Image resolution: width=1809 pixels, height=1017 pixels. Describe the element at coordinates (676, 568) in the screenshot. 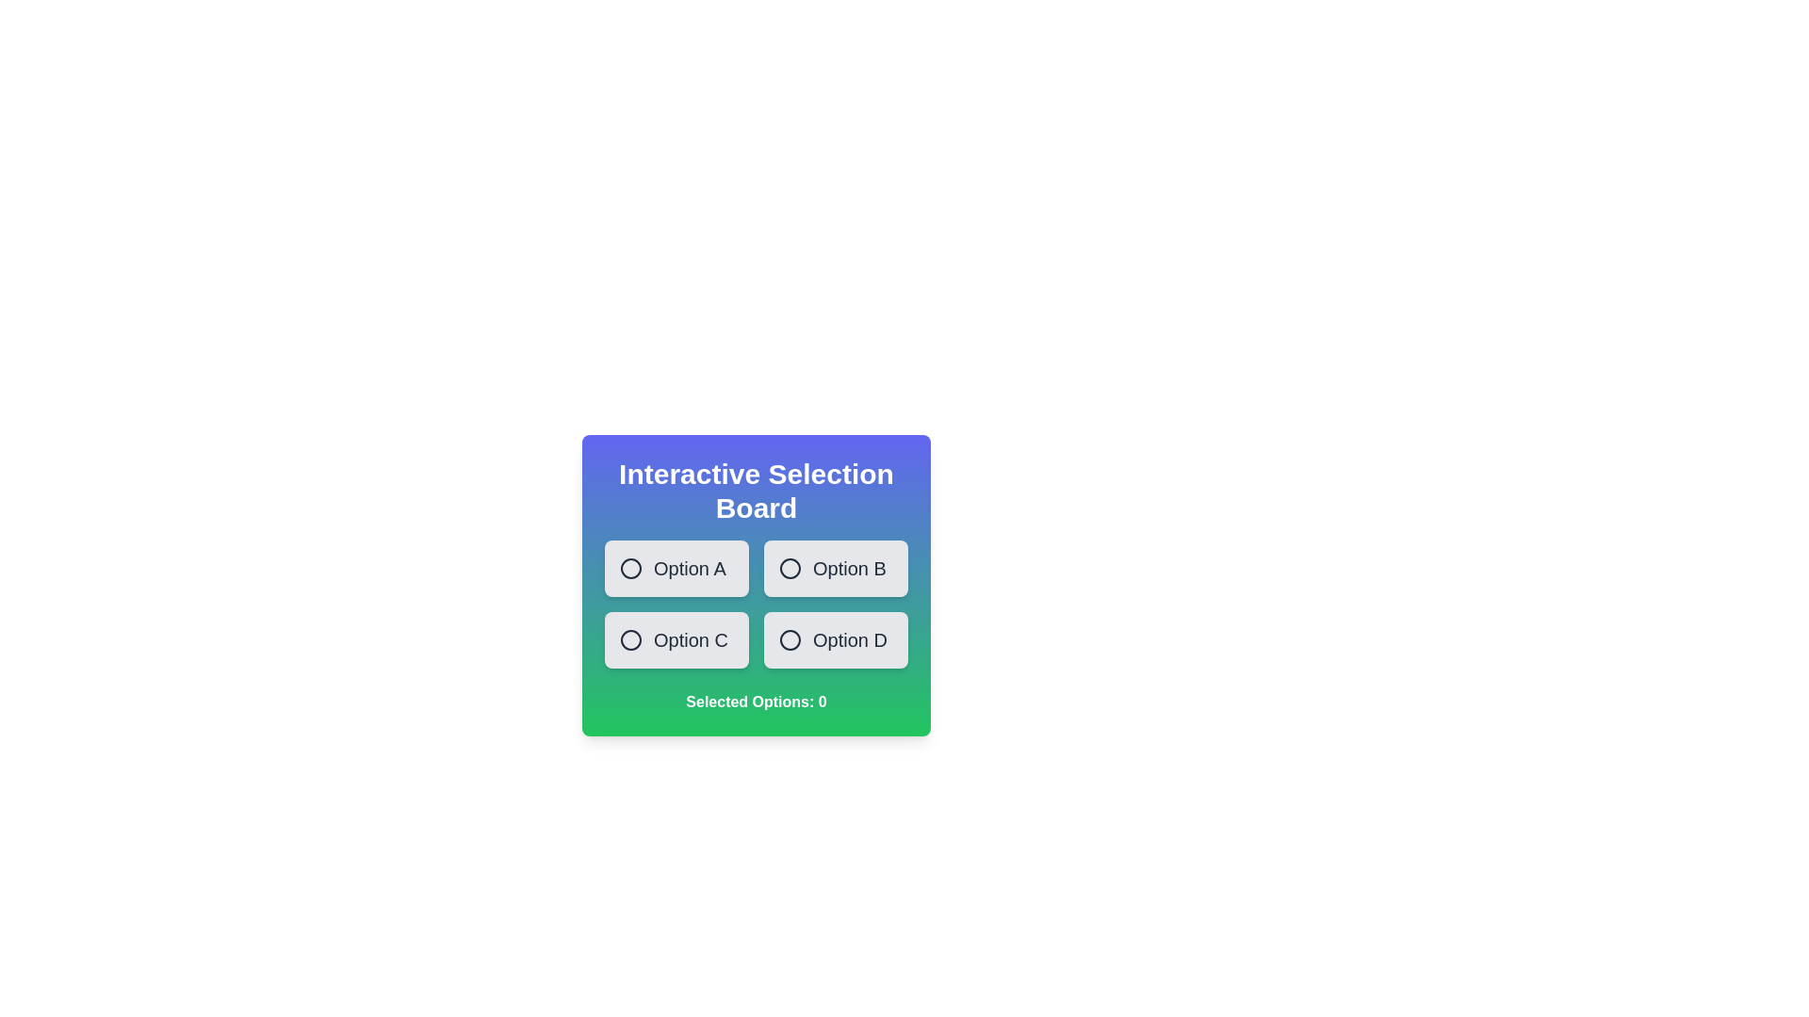

I see `the option Option A to observe the visual feedback` at that location.